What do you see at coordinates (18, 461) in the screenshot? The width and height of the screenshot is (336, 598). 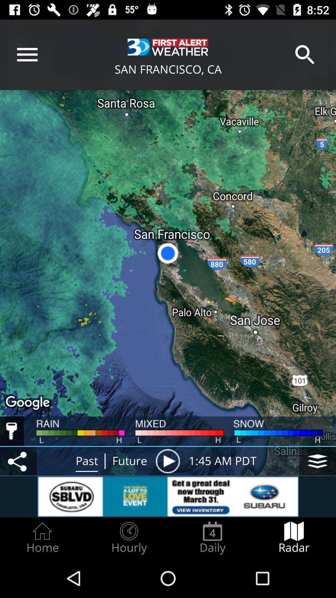 I see `share weather` at bounding box center [18, 461].